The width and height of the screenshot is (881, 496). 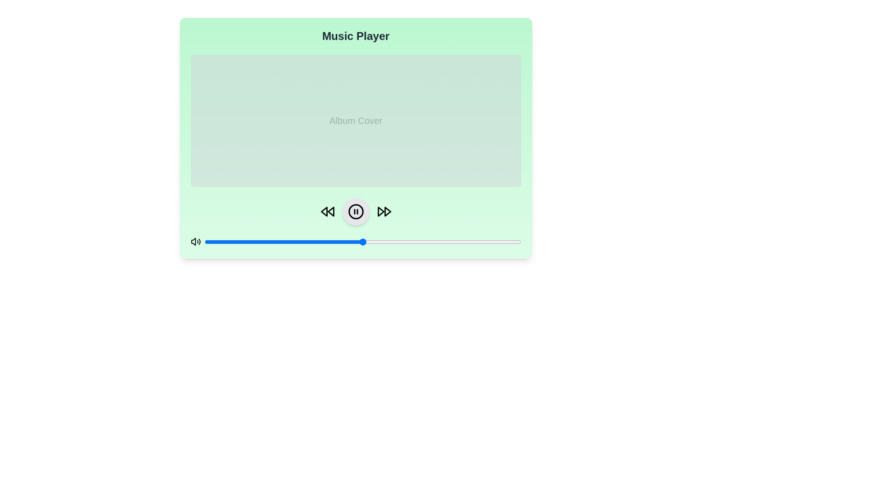 I want to click on the rewind button located to the left of the circular play/pause button in the music player interface, so click(x=323, y=212).